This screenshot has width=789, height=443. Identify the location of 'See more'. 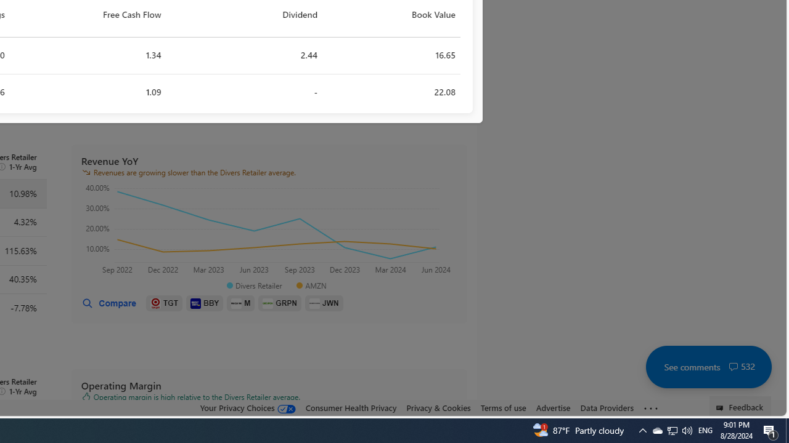
(650, 409).